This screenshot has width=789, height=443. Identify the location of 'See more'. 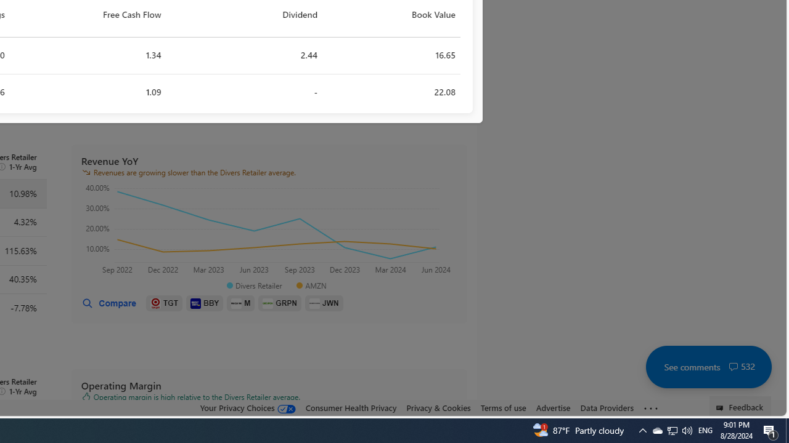
(650, 409).